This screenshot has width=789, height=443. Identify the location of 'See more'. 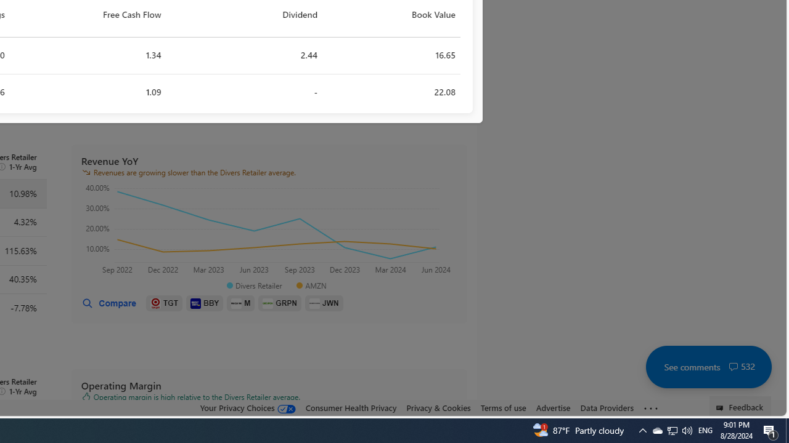
(650, 409).